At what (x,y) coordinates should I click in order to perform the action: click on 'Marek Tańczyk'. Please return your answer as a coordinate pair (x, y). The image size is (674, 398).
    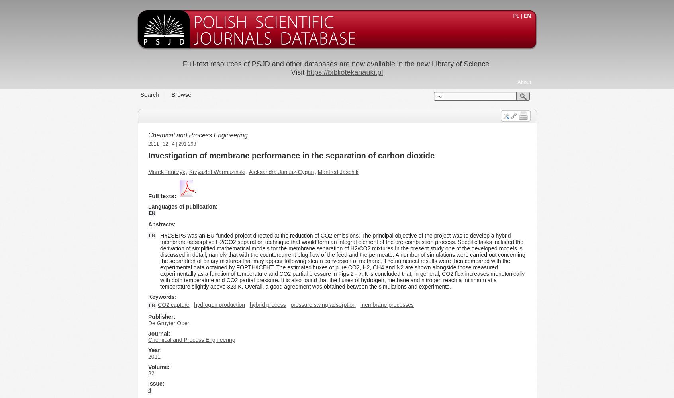
    Looking at the image, I should click on (167, 172).